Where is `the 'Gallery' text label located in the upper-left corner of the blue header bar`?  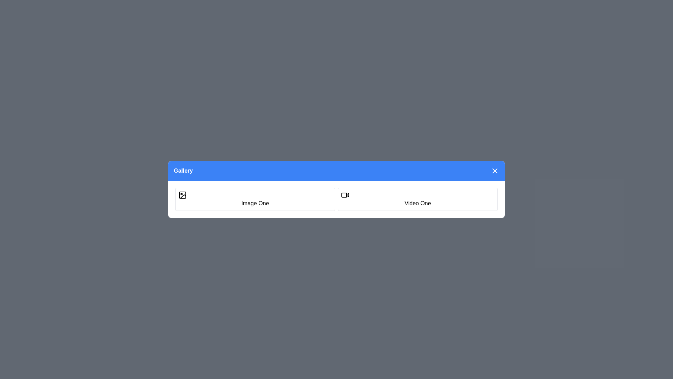 the 'Gallery' text label located in the upper-left corner of the blue header bar is located at coordinates (183, 171).